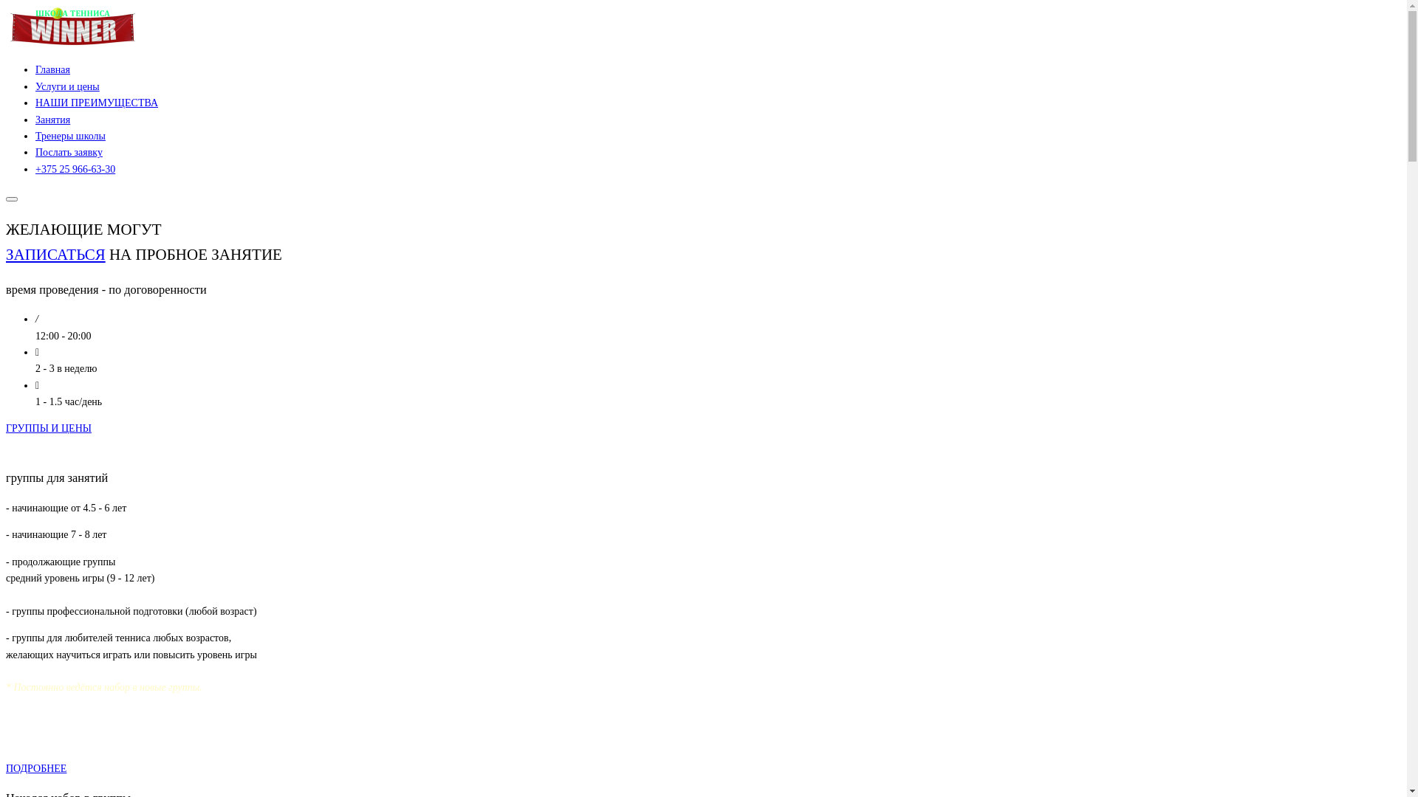 The image size is (1418, 797). I want to click on '+375 25 966-63-30', so click(74, 168).